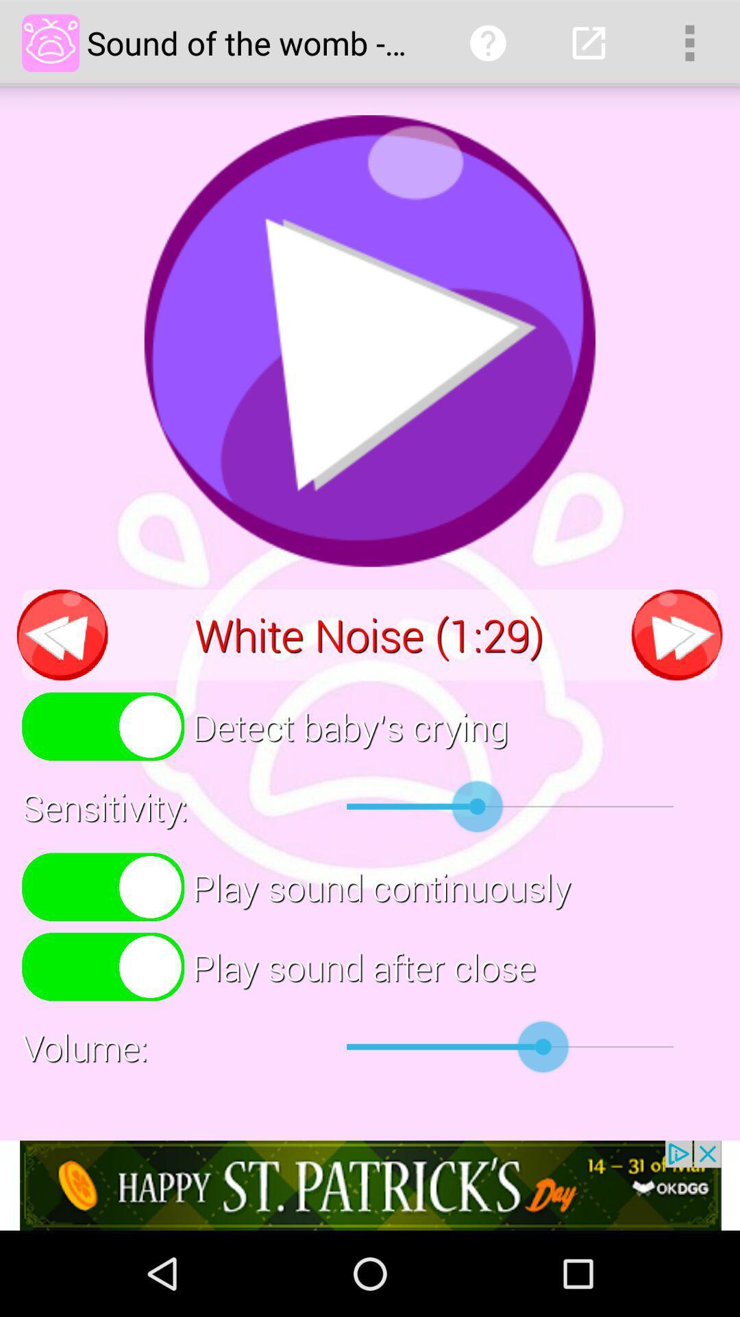 This screenshot has height=1317, width=740. I want to click on rewind button, so click(62, 634).